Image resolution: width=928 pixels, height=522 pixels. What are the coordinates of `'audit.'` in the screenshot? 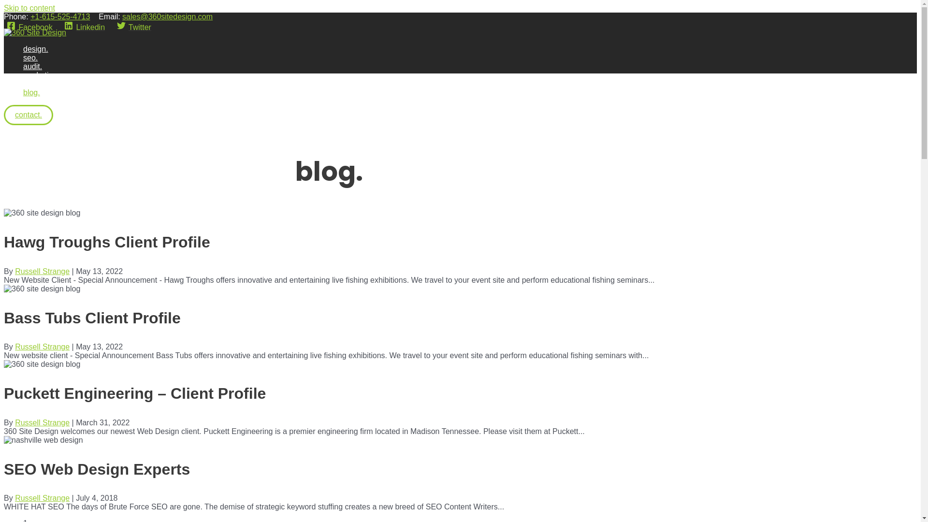 It's located at (23, 66).